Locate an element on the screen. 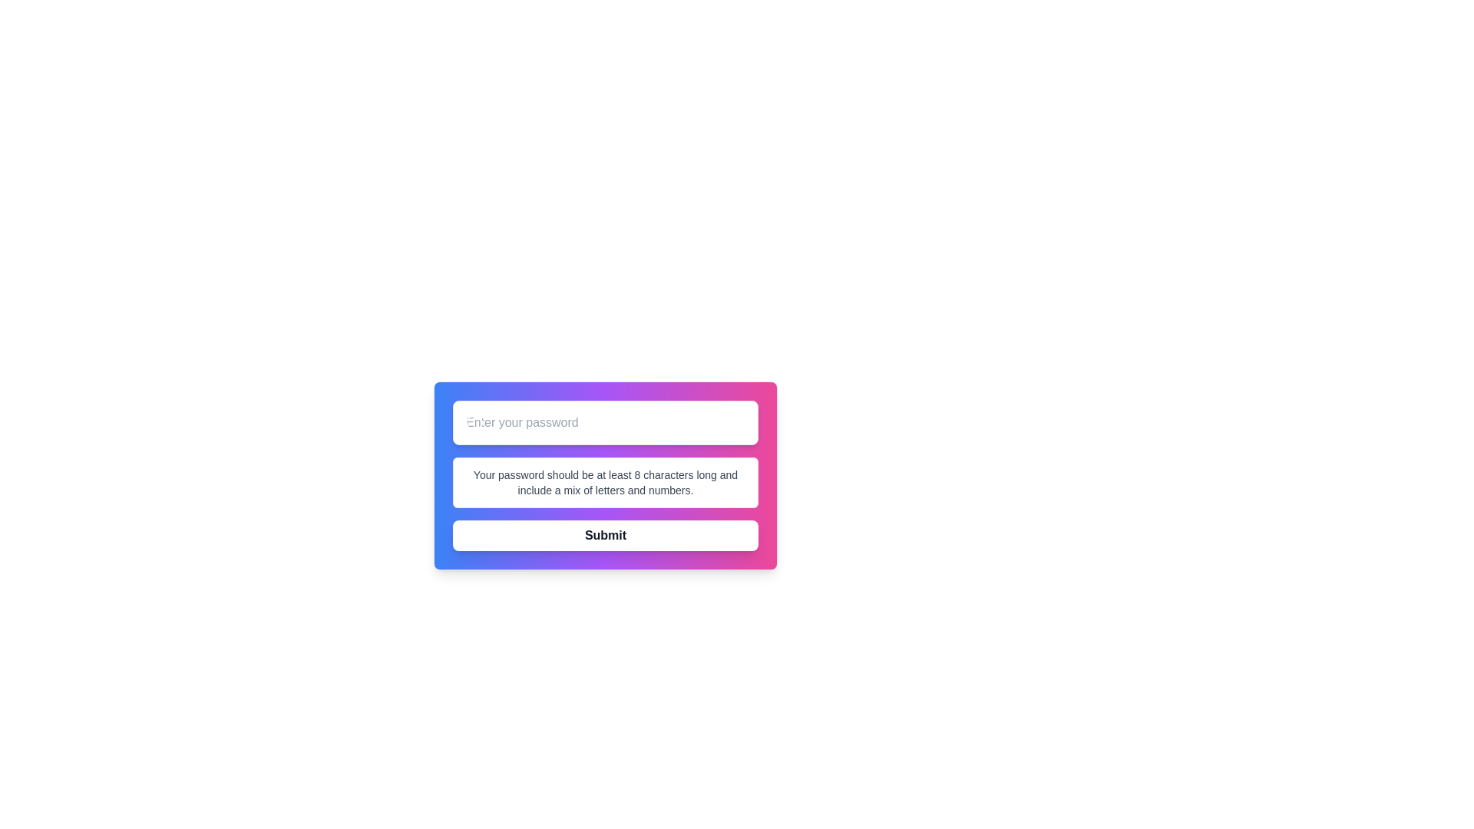 This screenshot has width=1474, height=829. the static text block that provides guidance on setting a secure password, positioned below the password input field and above the 'Submit' button is located at coordinates (604, 481).